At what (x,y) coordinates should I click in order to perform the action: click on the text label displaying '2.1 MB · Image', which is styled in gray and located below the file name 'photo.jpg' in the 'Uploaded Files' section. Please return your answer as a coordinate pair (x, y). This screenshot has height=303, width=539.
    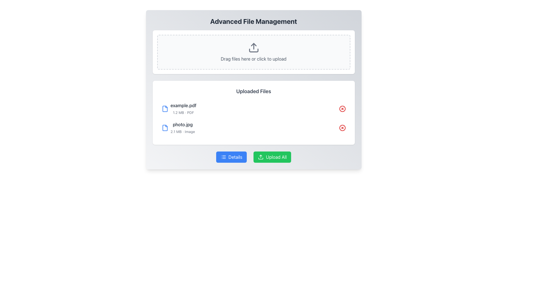
    Looking at the image, I should click on (183, 132).